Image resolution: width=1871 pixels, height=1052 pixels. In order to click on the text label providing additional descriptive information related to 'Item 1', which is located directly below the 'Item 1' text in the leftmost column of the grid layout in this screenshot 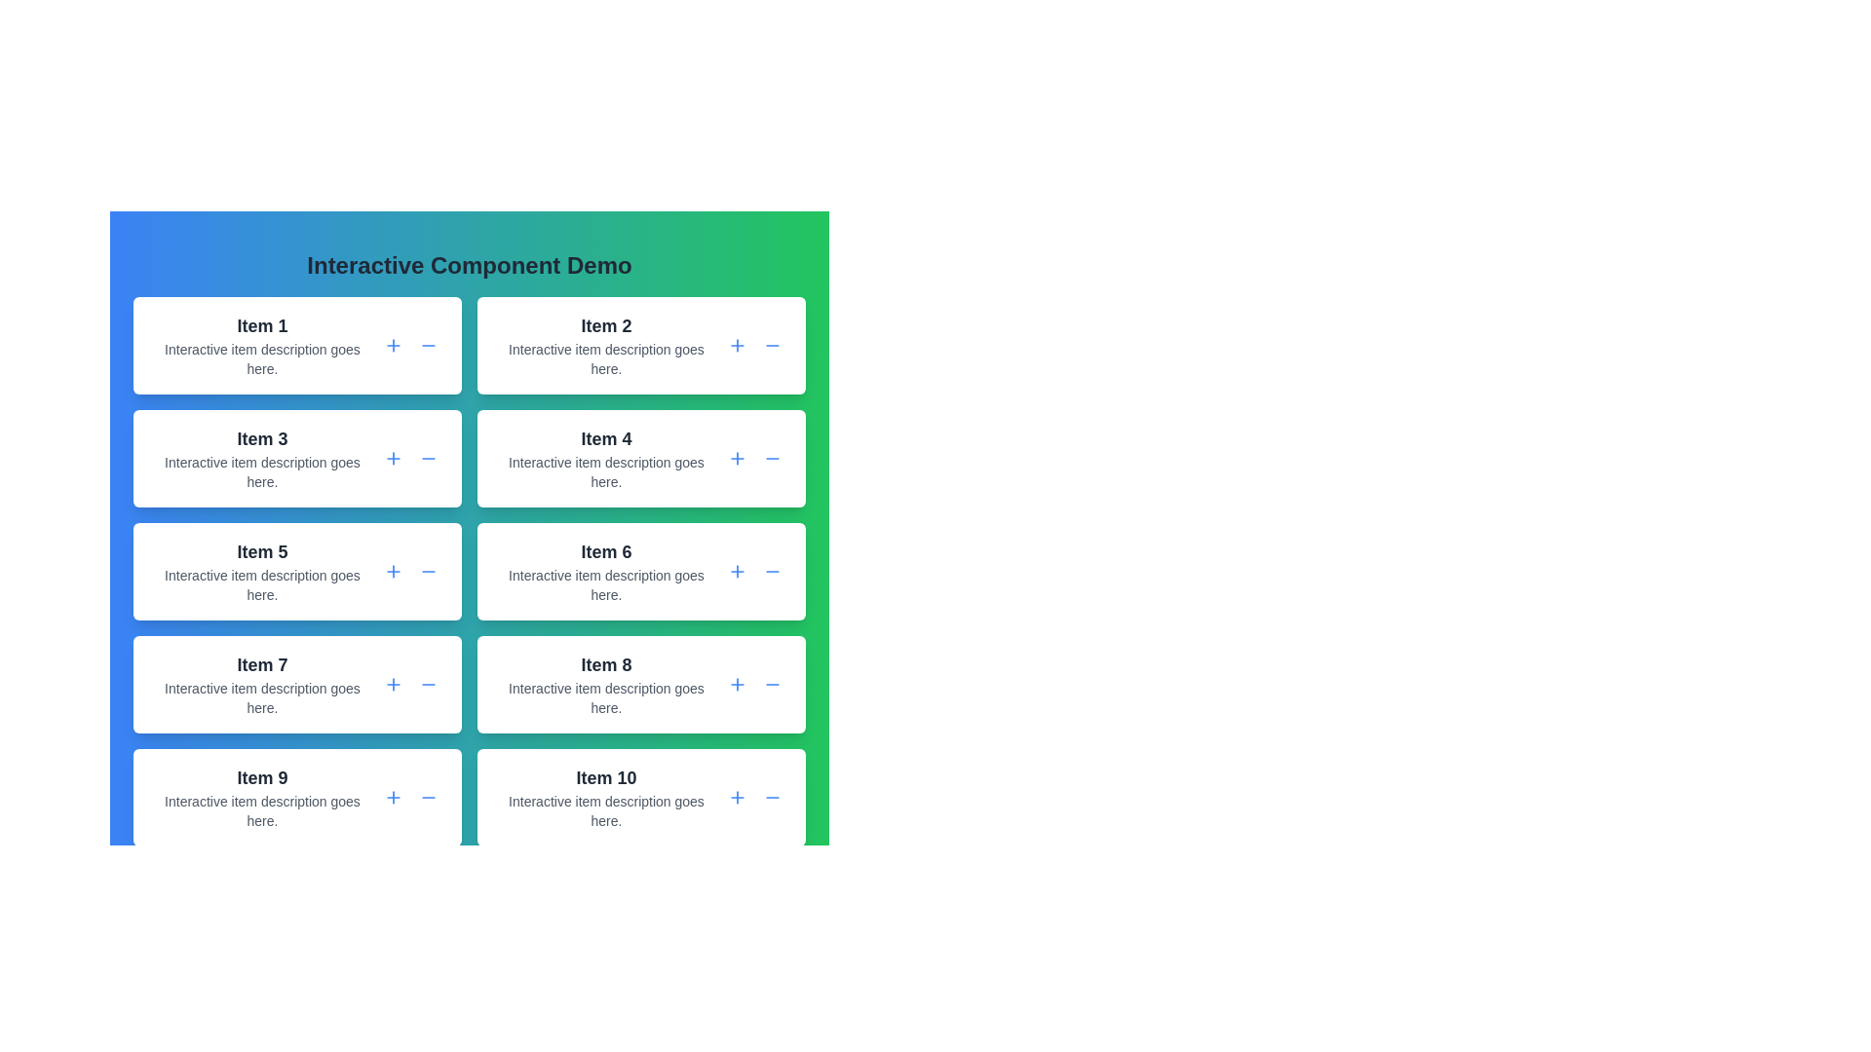, I will do `click(261, 359)`.